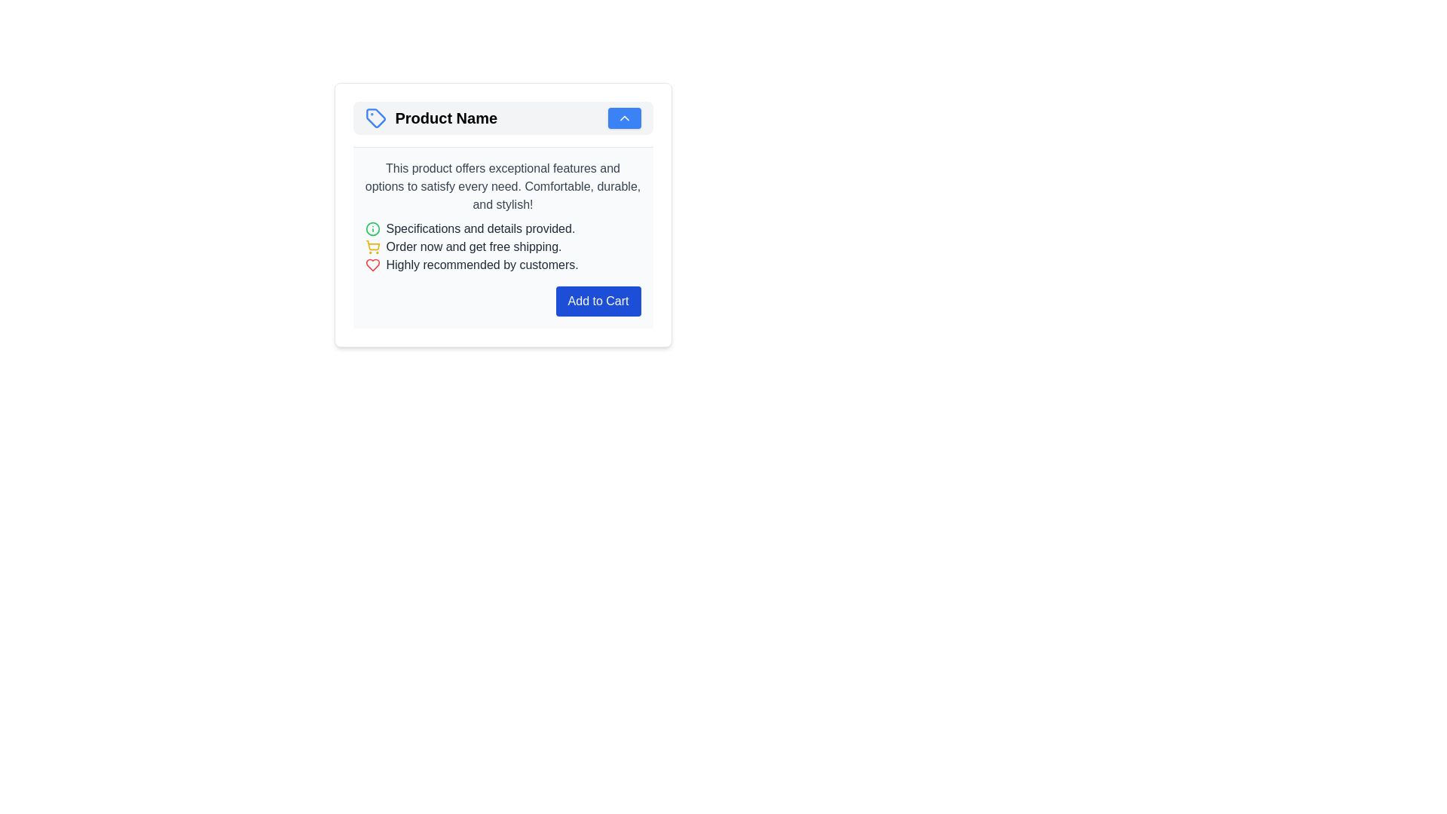 The height and width of the screenshot is (814, 1447). Describe the element at coordinates (372, 264) in the screenshot. I see `the heart icon that represents customer preference, located to the left of the text 'Highly recommended by customers.'` at that location.